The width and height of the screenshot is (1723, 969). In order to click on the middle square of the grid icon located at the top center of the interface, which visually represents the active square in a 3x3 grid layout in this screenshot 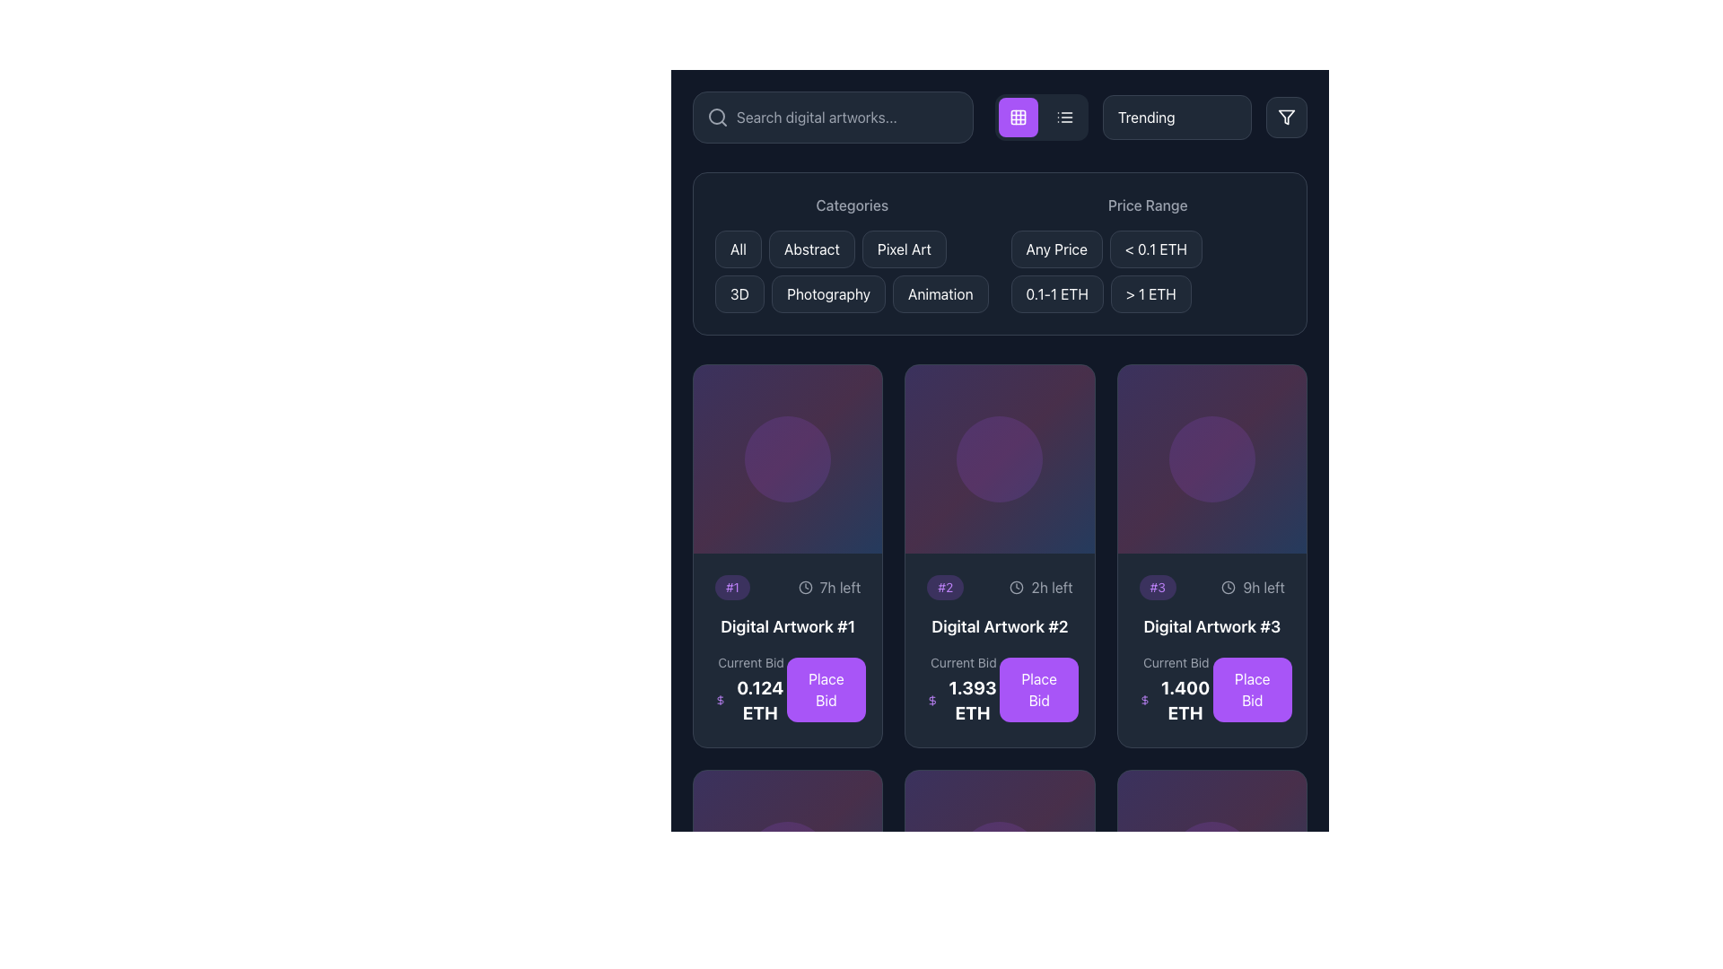, I will do `click(1018, 118)`.